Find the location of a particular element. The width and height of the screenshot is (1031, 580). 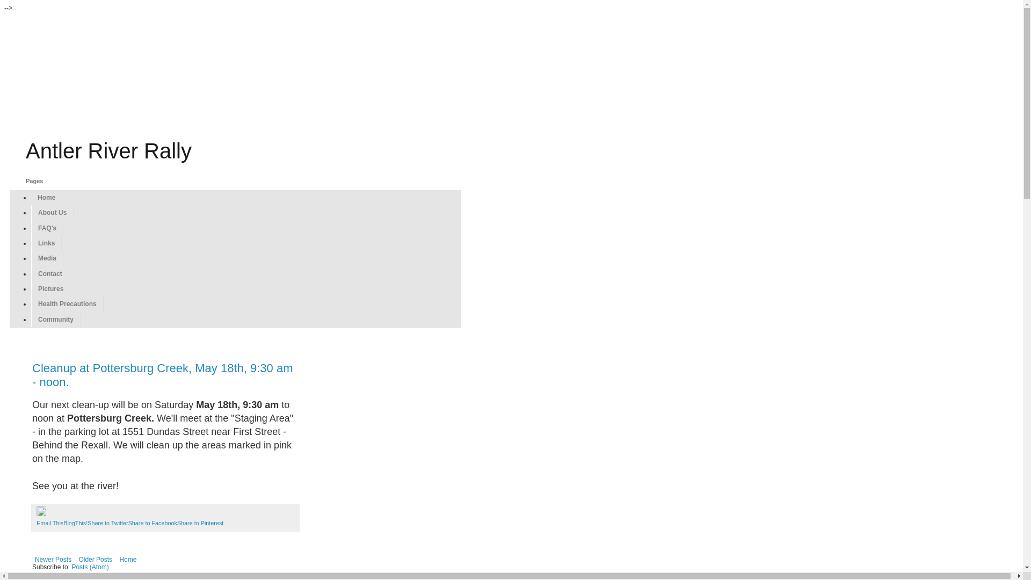

'About Us' is located at coordinates (52, 213).